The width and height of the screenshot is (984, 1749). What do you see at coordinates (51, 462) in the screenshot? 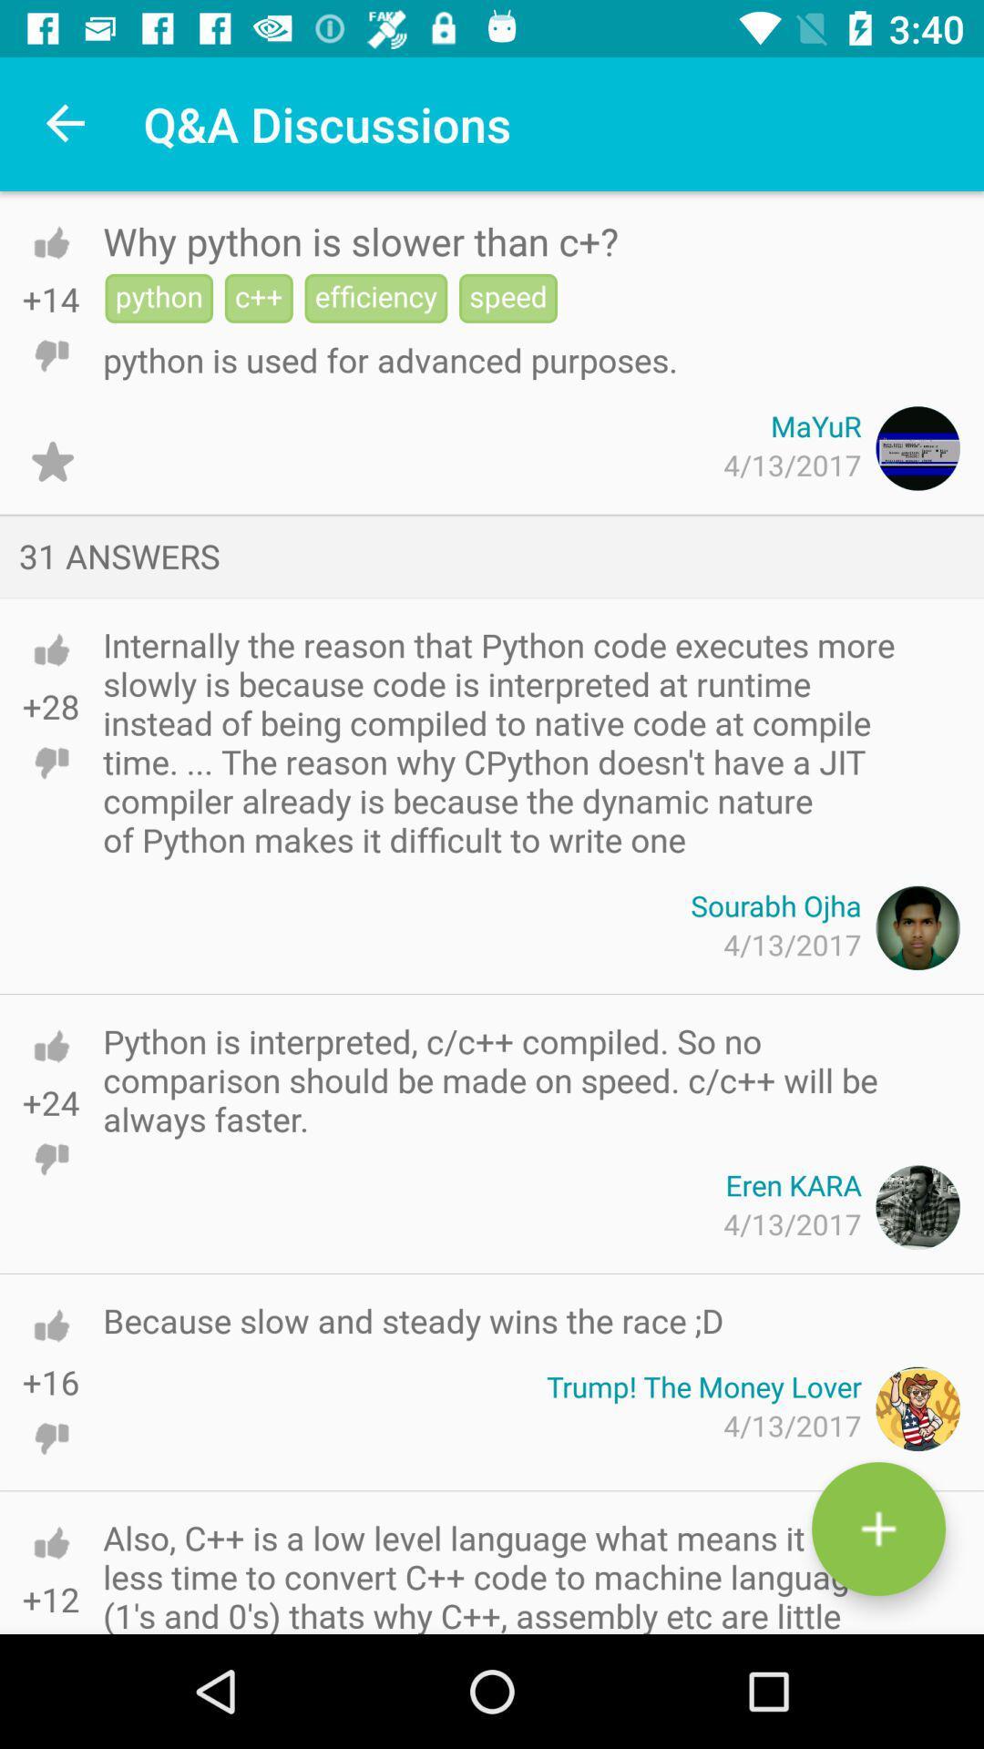
I see `icon above 31 answers item` at bounding box center [51, 462].